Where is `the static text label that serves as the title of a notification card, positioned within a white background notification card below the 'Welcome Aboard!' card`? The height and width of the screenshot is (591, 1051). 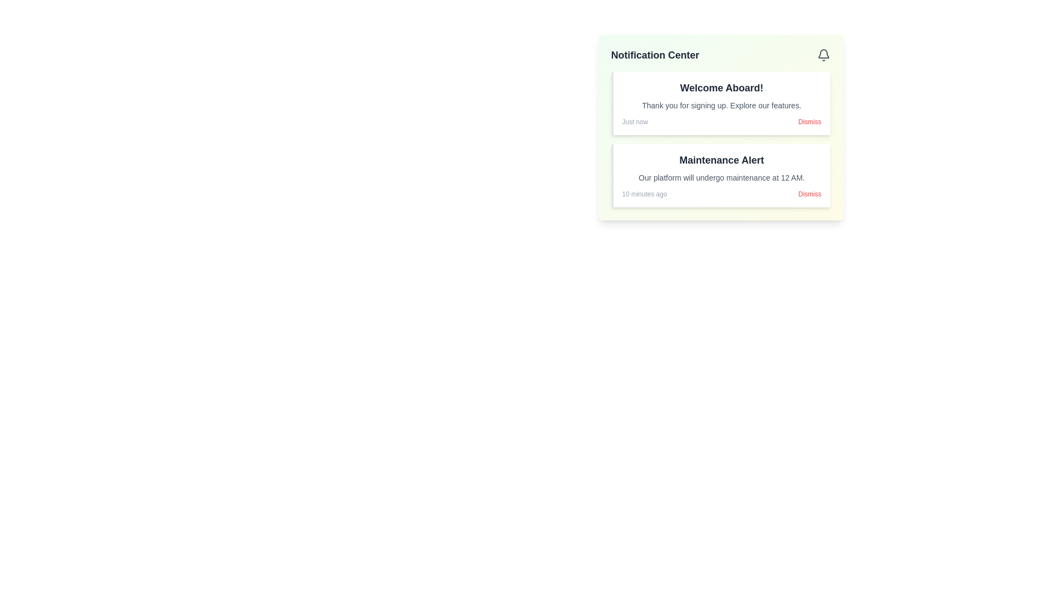 the static text label that serves as the title of a notification card, positioned within a white background notification card below the 'Welcome Aboard!' card is located at coordinates (721, 160).